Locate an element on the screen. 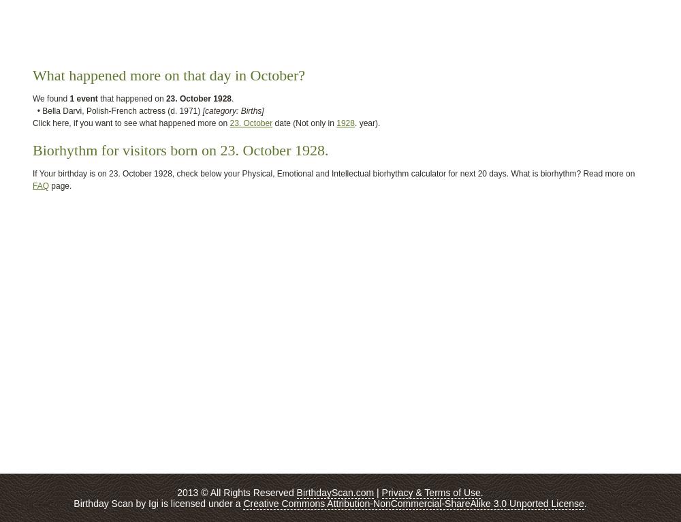  '1928' is located at coordinates (345, 123).